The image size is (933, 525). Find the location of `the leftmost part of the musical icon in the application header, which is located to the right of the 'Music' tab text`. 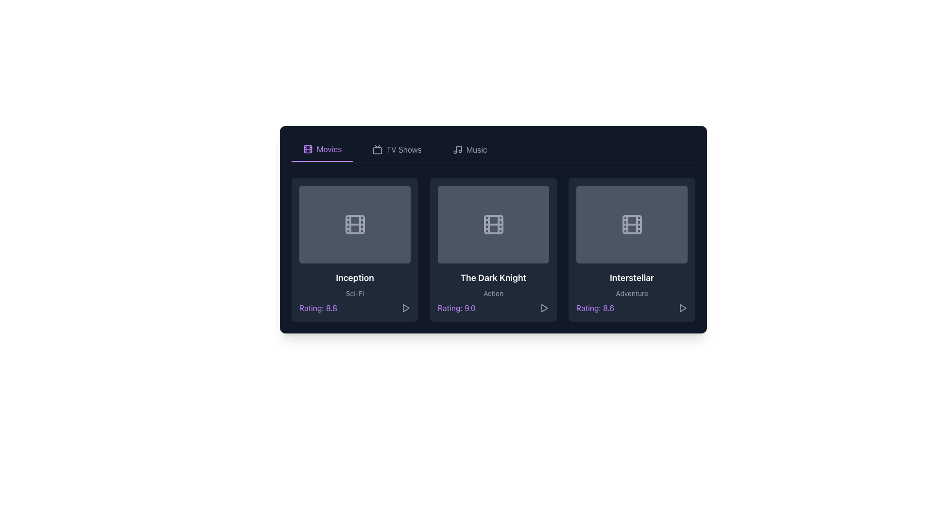

the leftmost part of the musical icon in the application header, which is located to the right of the 'Music' tab text is located at coordinates (458, 149).